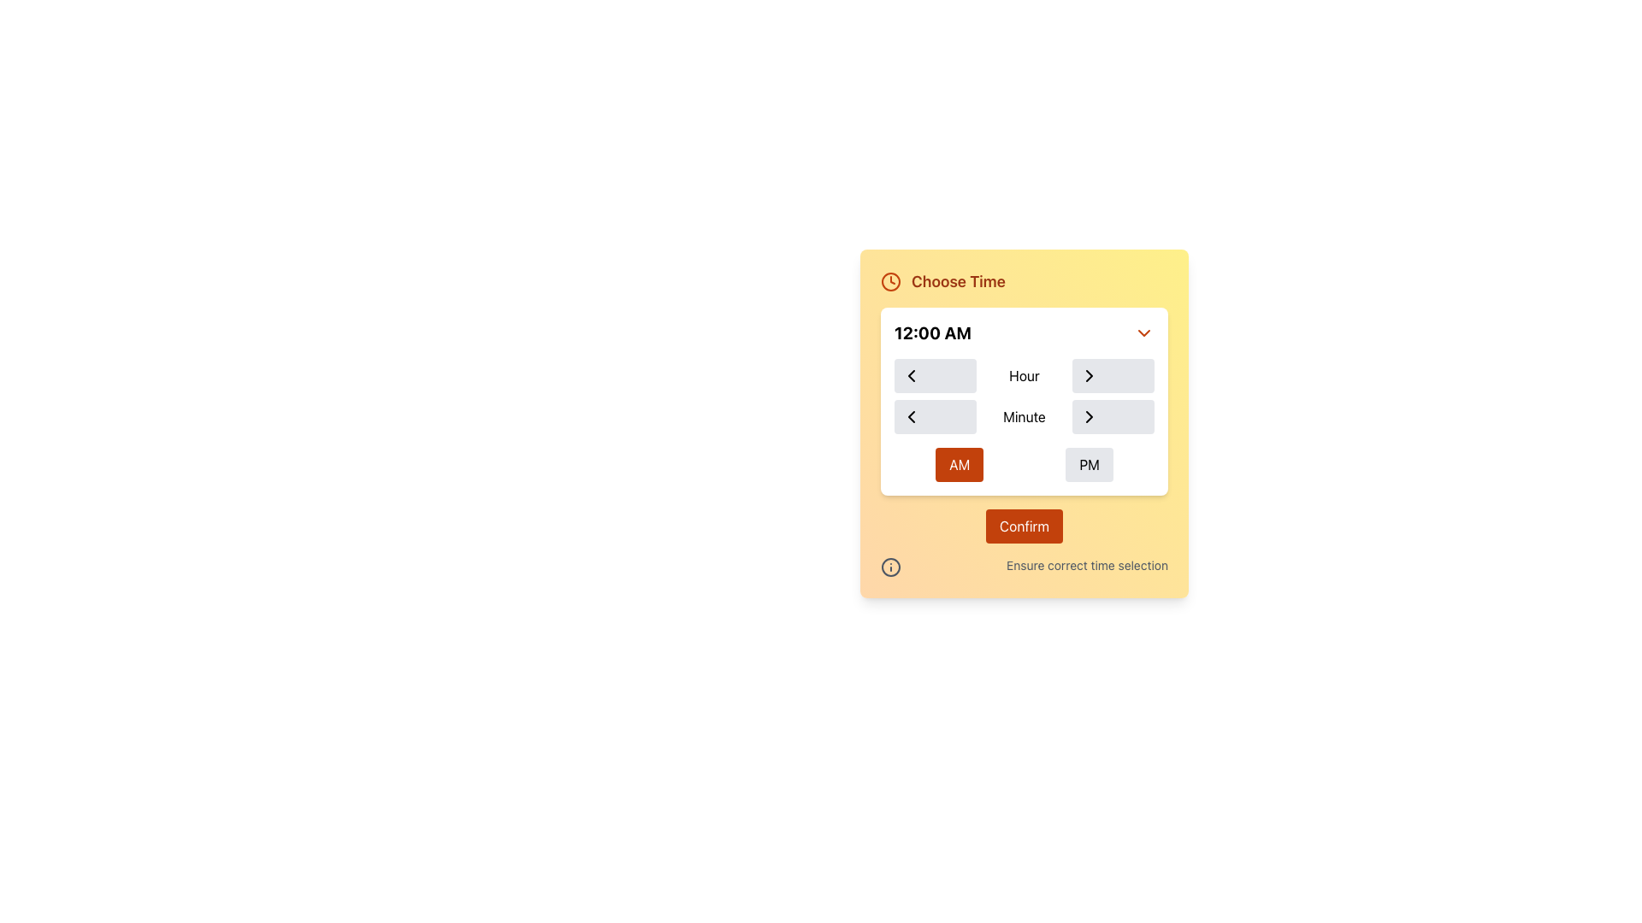 The image size is (1642, 923). What do you see at coordinates (1113, 374) in the screenshot?
I see `the increment button for the 'Hour' field located in the top-right portion of the grid layout, specifically in the first row and third column, to increment the hour displayed` at bounding box center [1113, 374].